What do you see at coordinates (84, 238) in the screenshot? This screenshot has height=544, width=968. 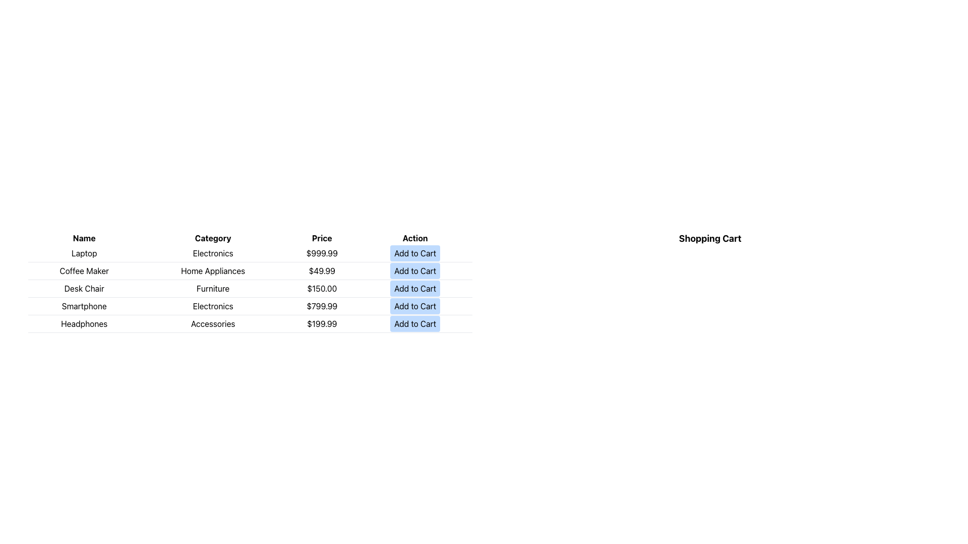 I see `the 'Name' column header text label` at bounding box center [84, 238].